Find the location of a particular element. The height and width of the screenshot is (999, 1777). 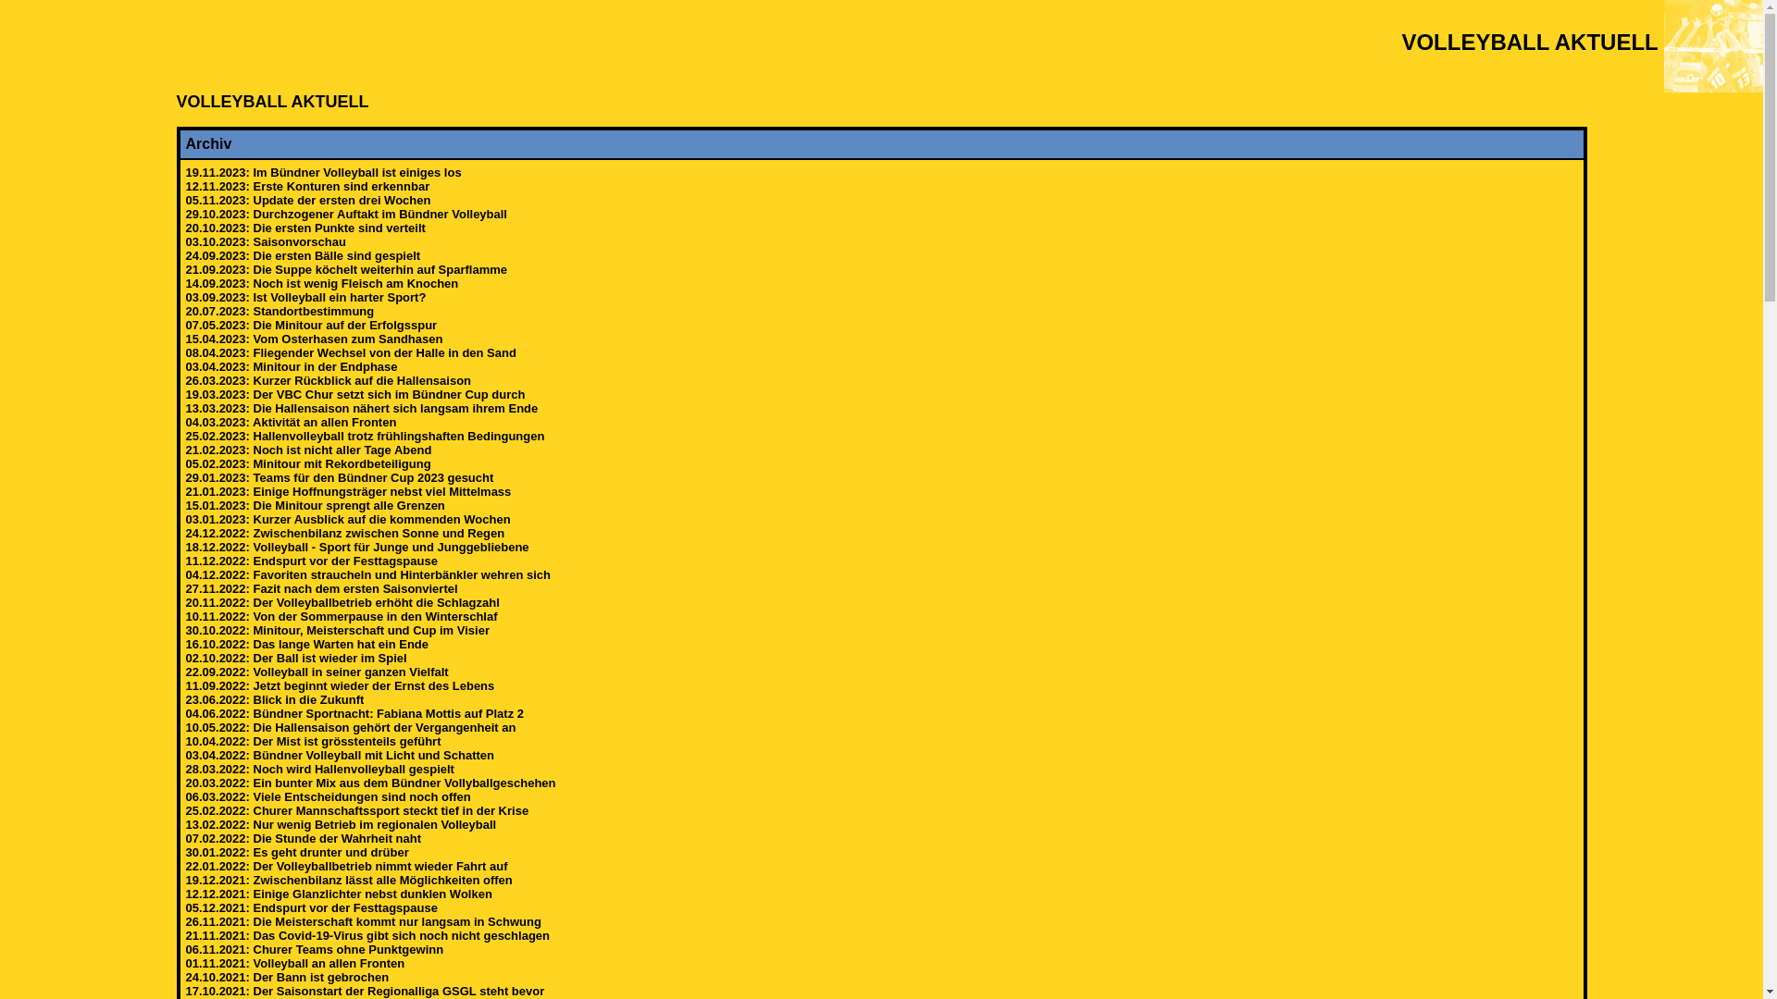

'16.10.2022: Das lange Warten hat ein Ende' is located at coordinates (185, 643).